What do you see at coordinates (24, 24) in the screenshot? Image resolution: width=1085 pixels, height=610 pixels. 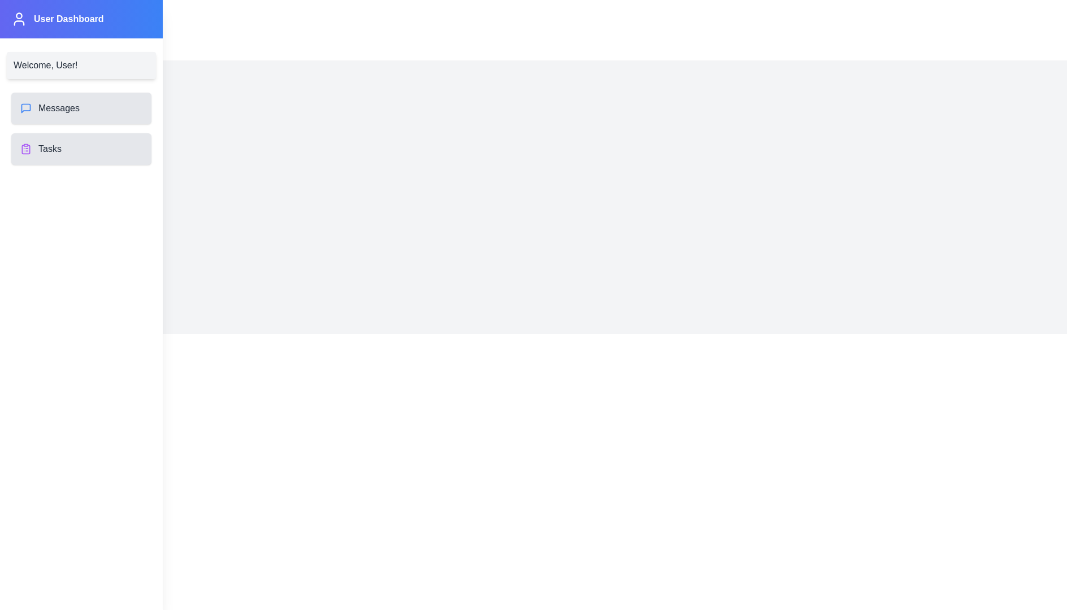 I see `the toggle button to change the drawer's visibility` at bounding box center [24, 24].